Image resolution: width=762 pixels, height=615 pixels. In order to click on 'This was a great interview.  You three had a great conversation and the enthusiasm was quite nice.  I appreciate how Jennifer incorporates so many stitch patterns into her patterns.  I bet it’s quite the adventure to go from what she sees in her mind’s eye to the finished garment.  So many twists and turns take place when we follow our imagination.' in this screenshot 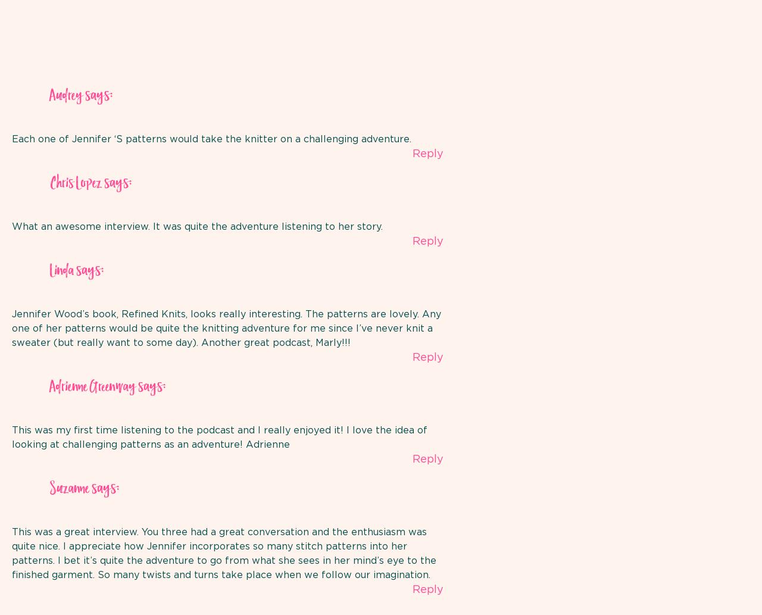, I will do `click(224, 553)`.